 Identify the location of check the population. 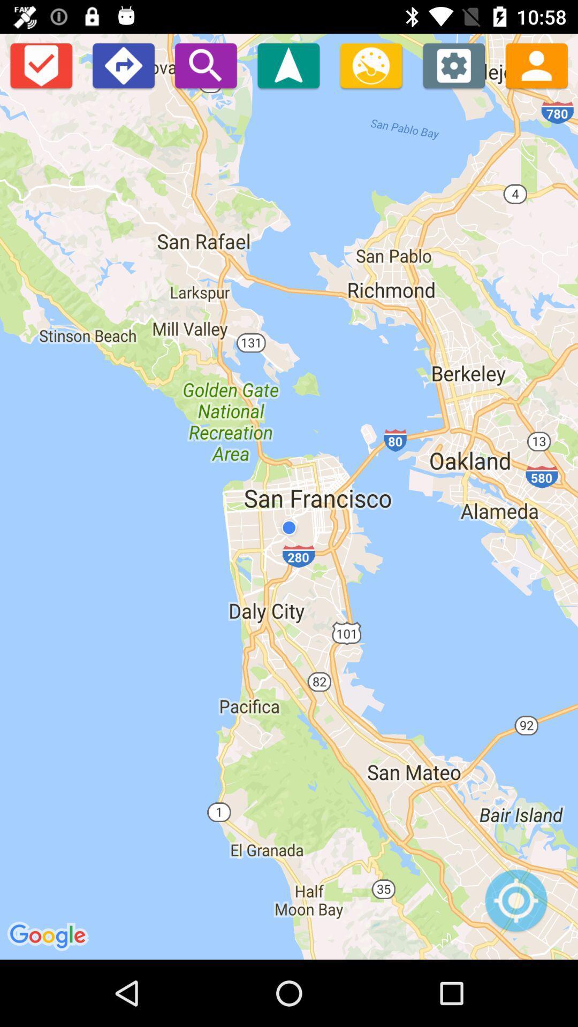
(536, 65).